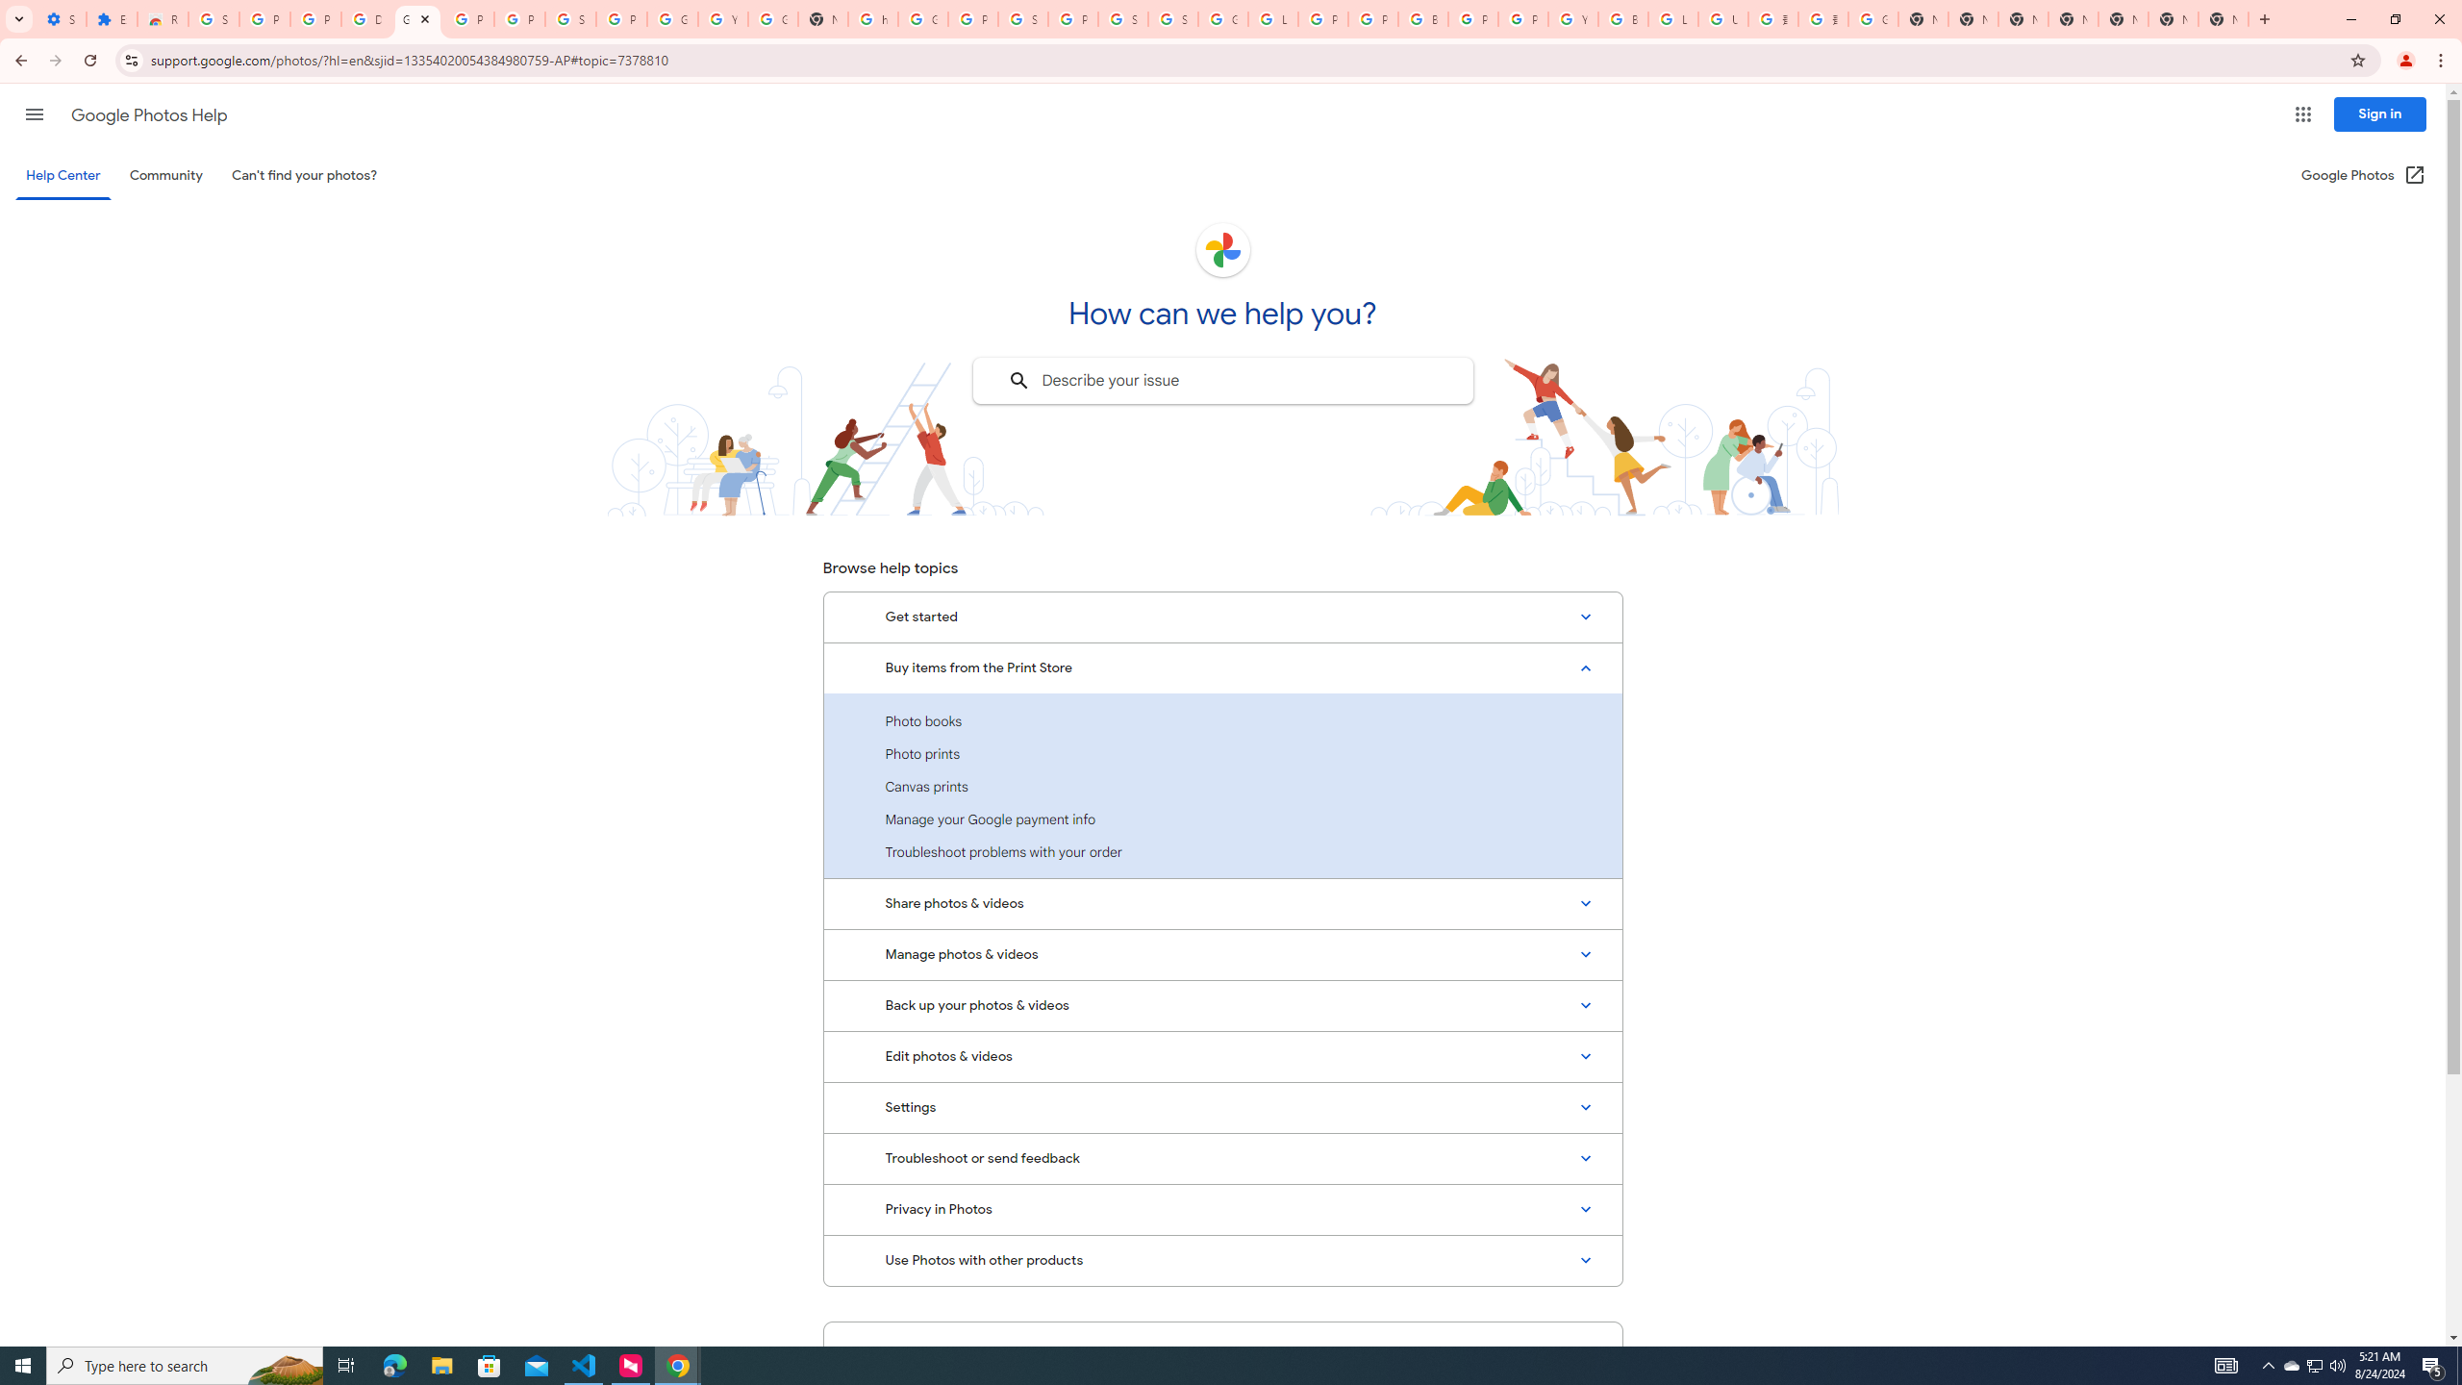  What do you see at coordinates (1222, 721) in the screenshot?
I see `'Photo books'` at bounding box center [1222, 721].